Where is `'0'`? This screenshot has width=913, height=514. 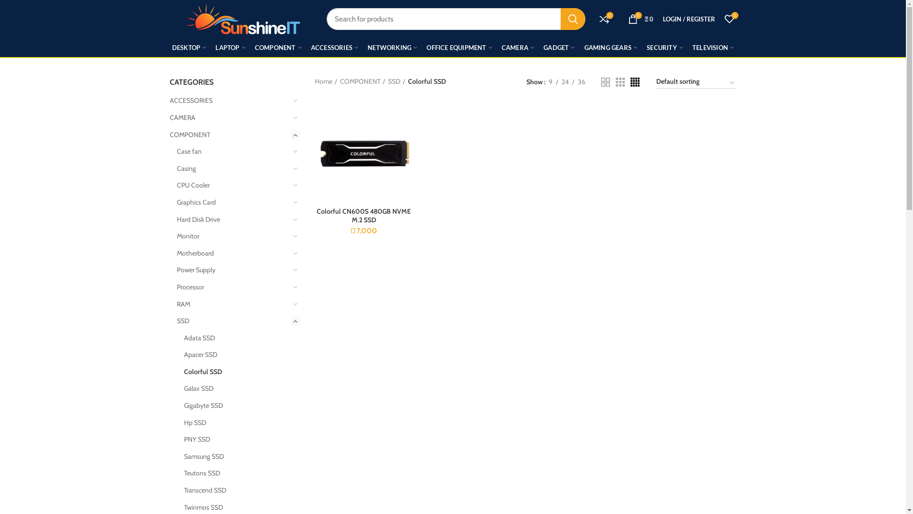
'0' is located at coordinates (719, 19).